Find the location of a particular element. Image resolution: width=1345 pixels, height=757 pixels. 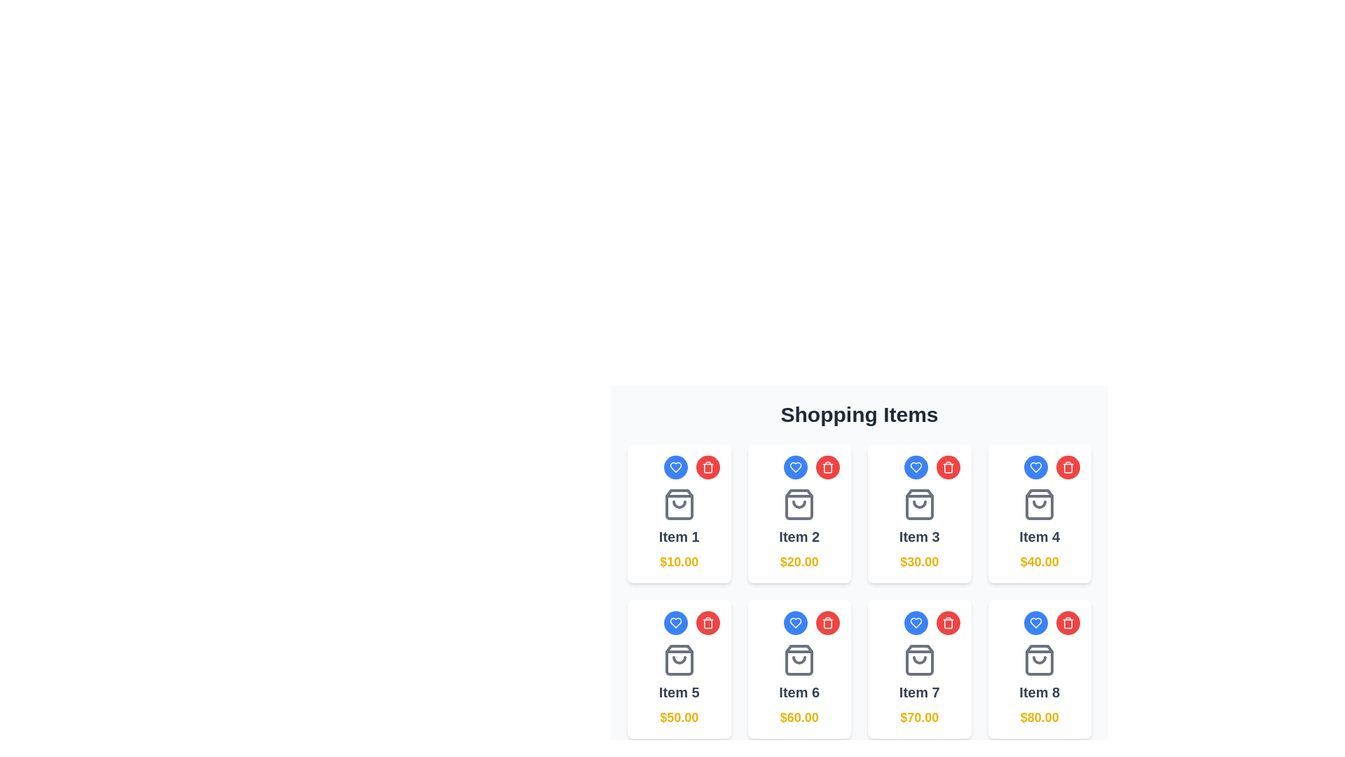

the blue circular button with a white heart icon located at the top-right corner of the card labeled 'Item 2' is located at coordinates (799, 468).